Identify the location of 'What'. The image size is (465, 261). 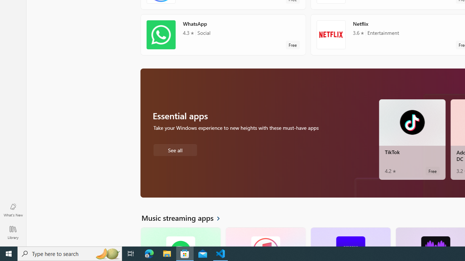
(13, 210).